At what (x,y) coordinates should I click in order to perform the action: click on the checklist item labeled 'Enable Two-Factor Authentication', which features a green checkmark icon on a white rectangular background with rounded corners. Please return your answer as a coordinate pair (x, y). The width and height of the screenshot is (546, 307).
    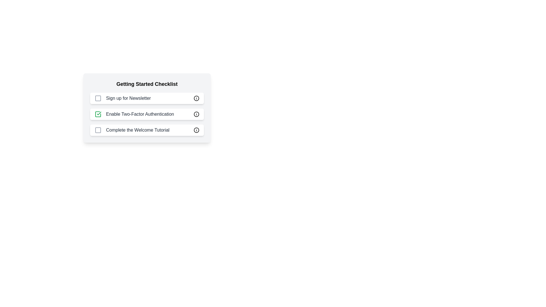
    Looking at the image, I should click on (147, 114).